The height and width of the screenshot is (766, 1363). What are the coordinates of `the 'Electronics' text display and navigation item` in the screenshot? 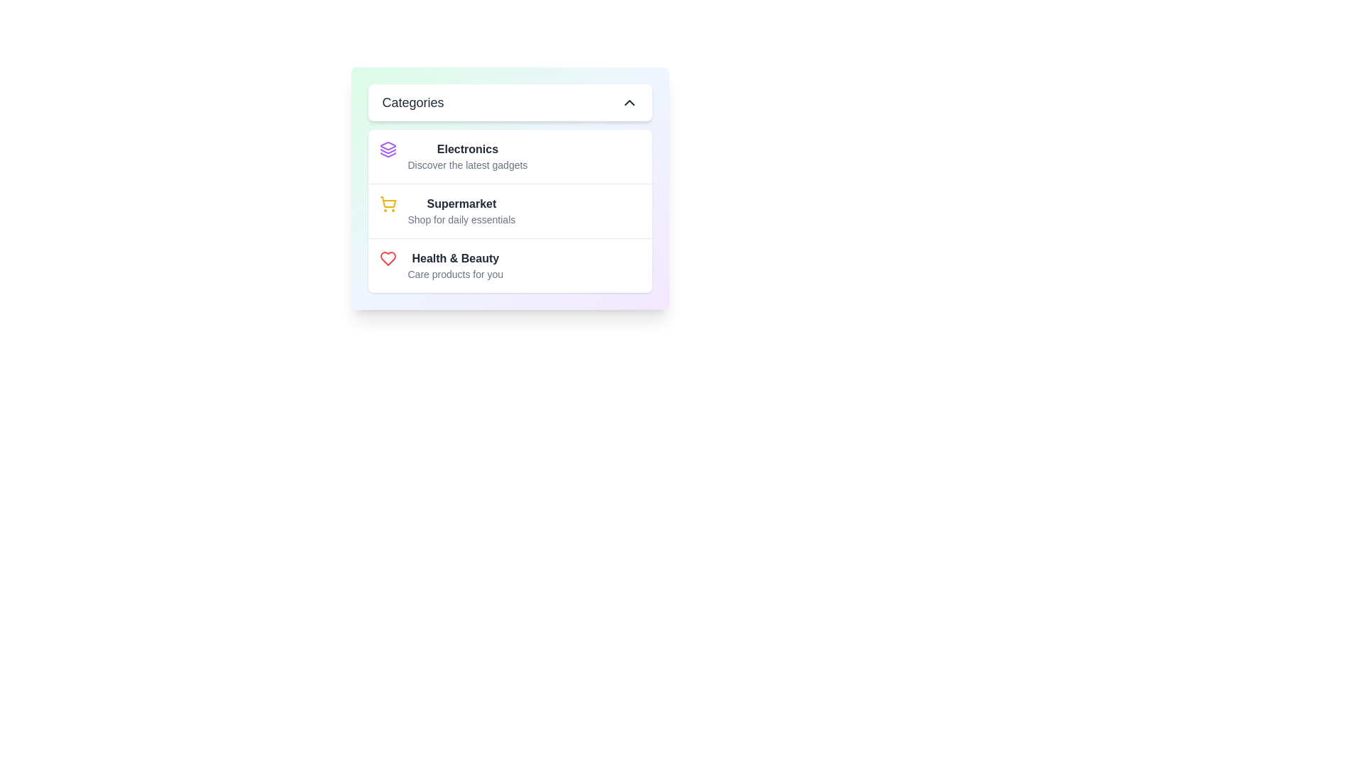 It's located at (467, 156).